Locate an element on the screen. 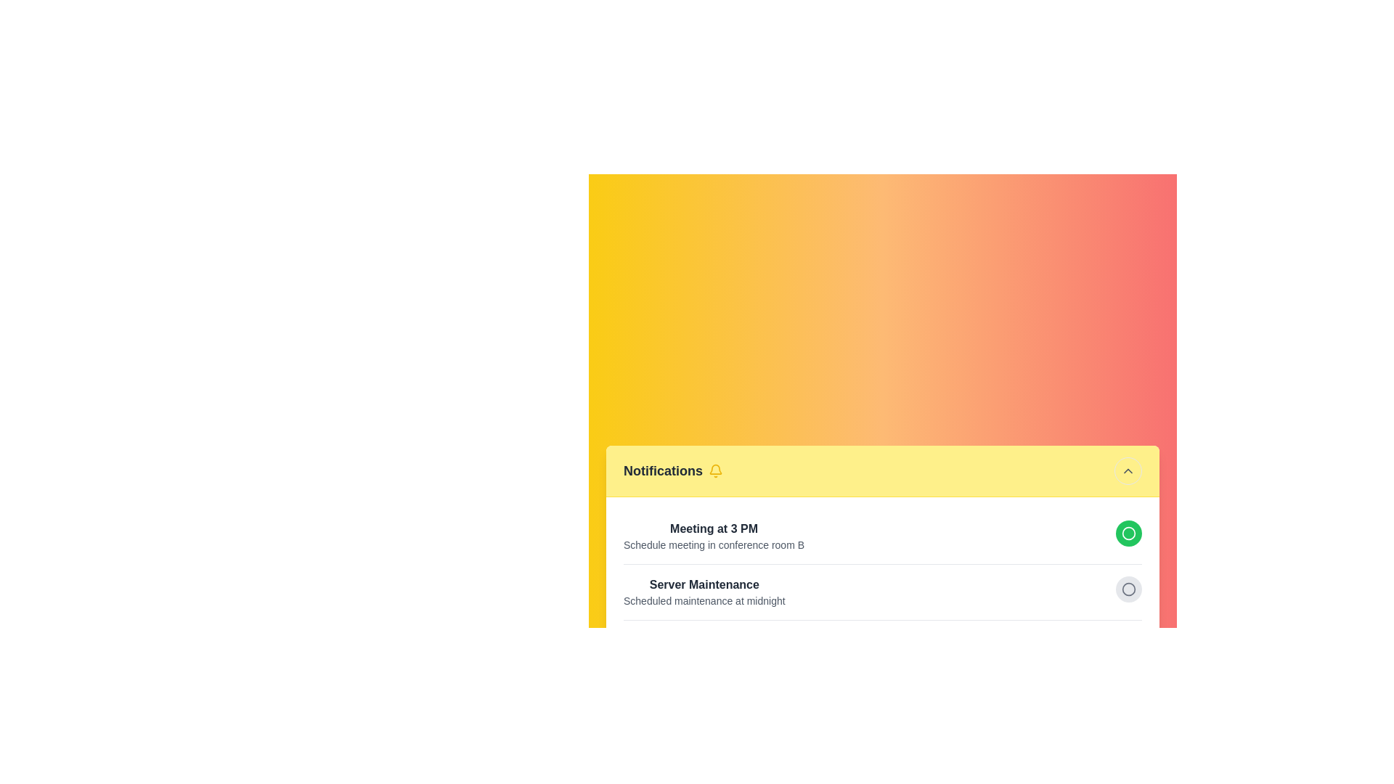 This screenshot has height=784, width=1394. the circular green button with a white inner circle located at the far right of the notification message titled 'Meeting at 3 PM' is located at coordinates (1128, 533).